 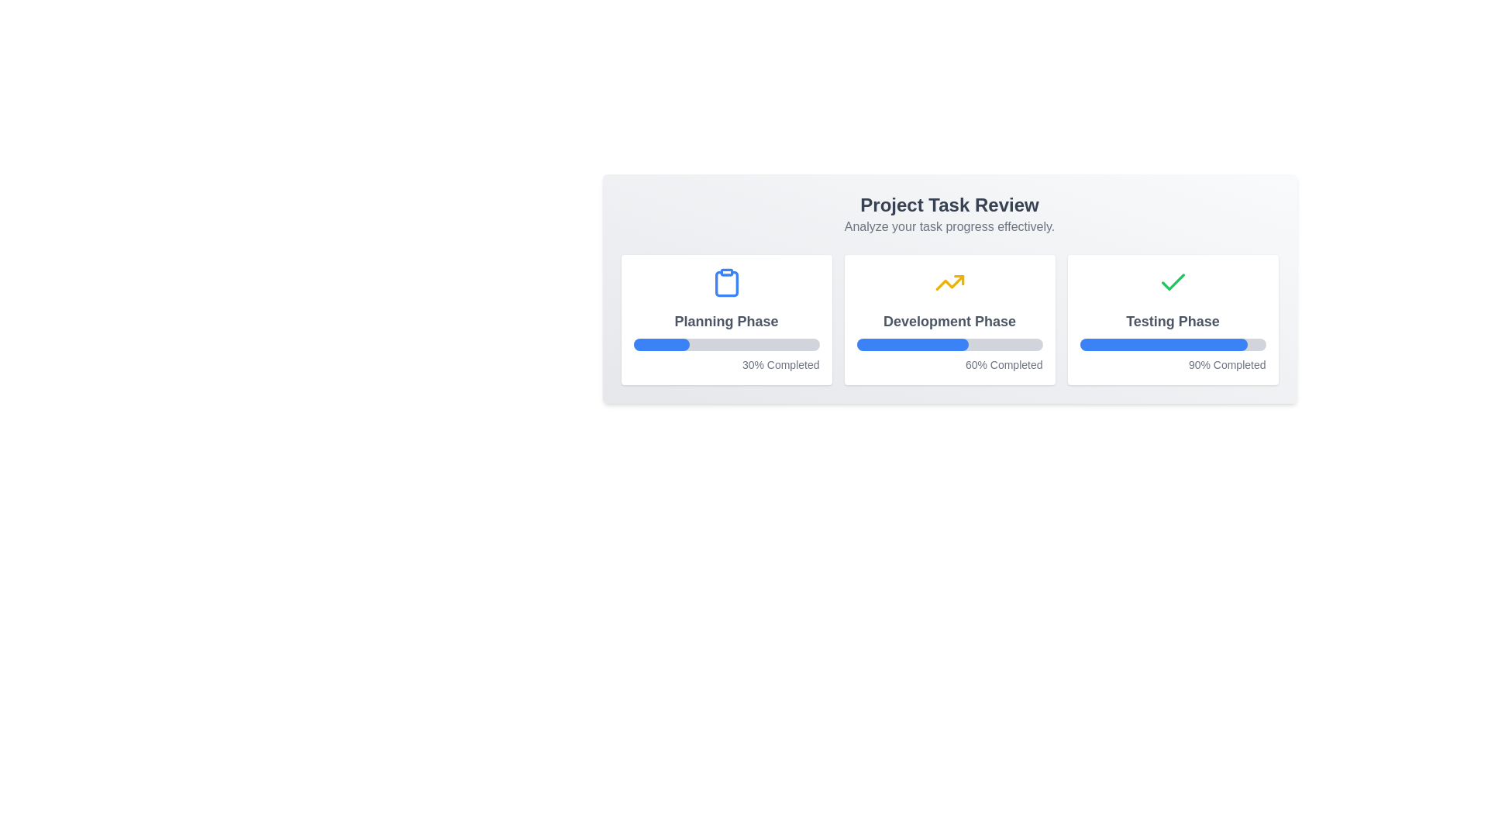 I want to click on the clipboard icon representing the 'Planning Phase', which is centrally placed in the first of three horizontally arranged cards under 'Project Task Review', so click(x=725, y=284).